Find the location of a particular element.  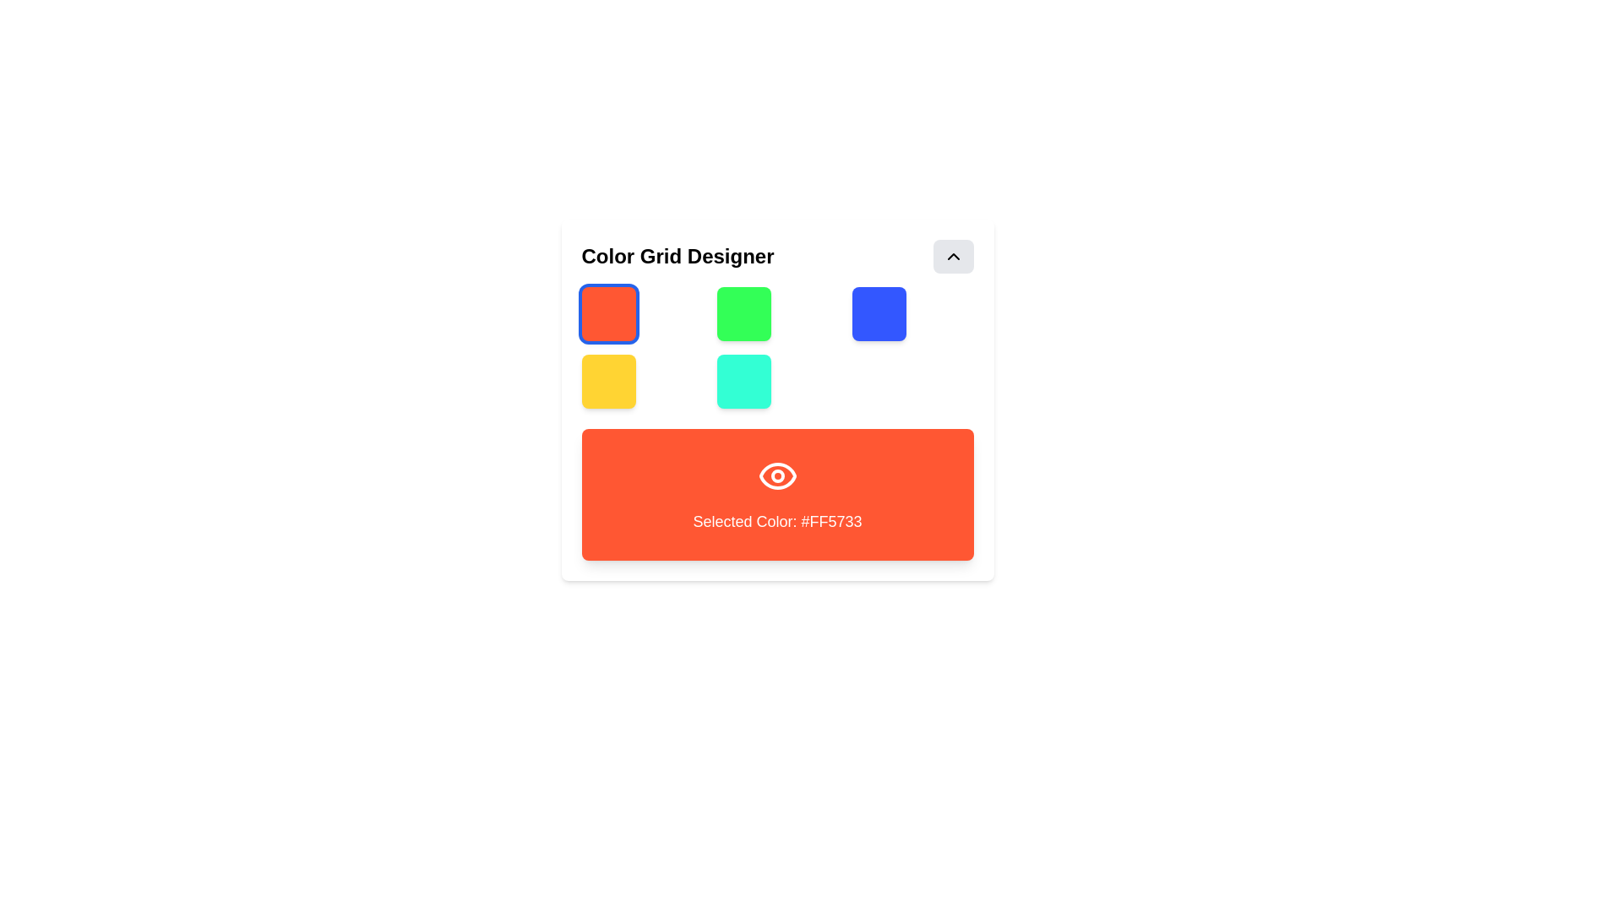

the icon located in the top right corner of the 'Color Grid Designer' card to observe the hover effect is located at coordinates (953, 257).